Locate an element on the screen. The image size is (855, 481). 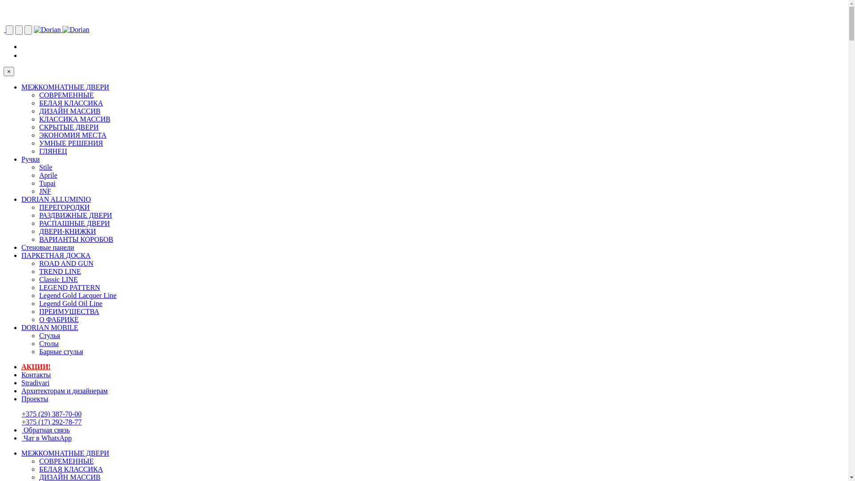
'ROAD AND GUN' is located at coordinates (38, 263).